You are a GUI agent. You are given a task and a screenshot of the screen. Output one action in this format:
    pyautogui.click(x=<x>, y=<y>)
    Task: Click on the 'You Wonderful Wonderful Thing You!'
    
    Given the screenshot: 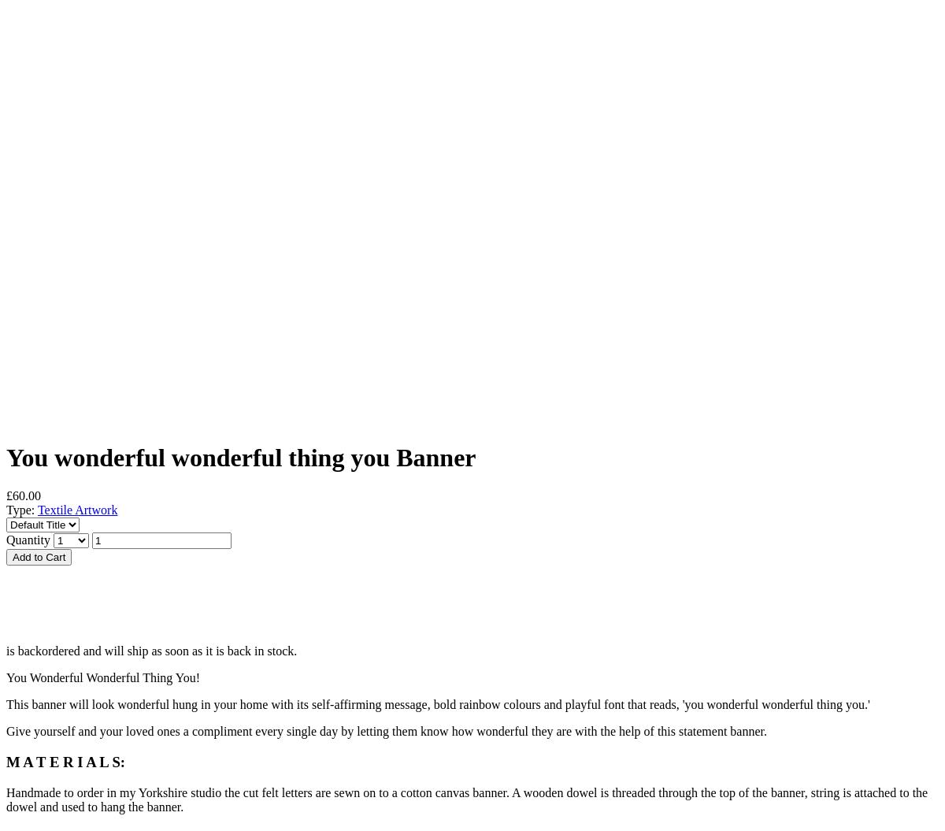 What is the action you would take?
    pyautogui.click(x=103, y=677)
    